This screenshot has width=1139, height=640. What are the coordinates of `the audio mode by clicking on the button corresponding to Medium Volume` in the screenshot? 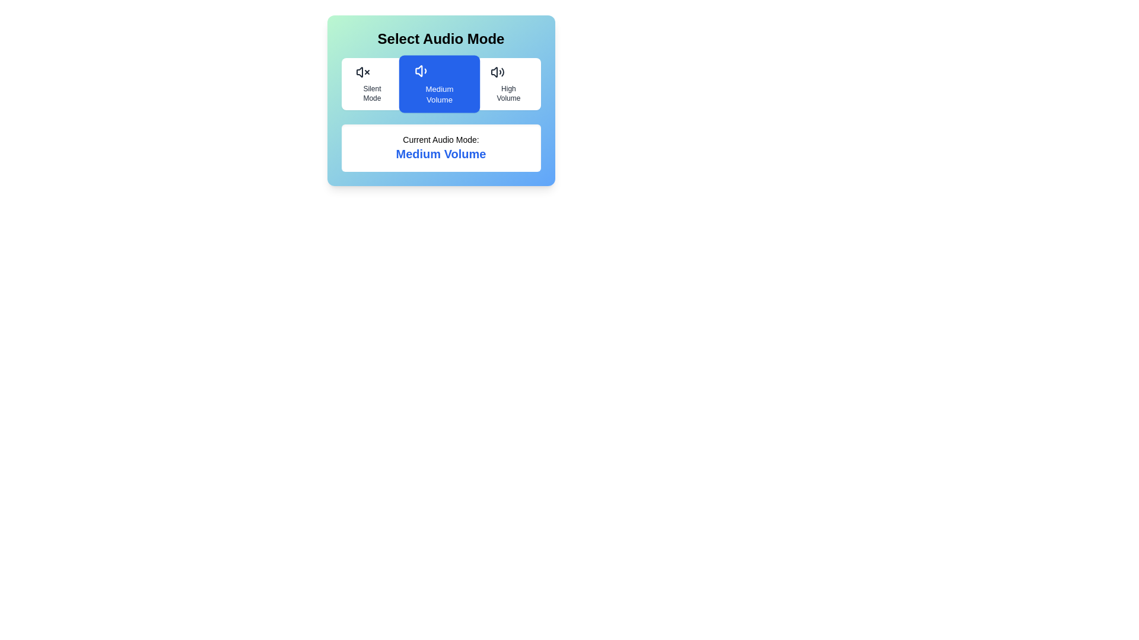 It's located at (438, 84).